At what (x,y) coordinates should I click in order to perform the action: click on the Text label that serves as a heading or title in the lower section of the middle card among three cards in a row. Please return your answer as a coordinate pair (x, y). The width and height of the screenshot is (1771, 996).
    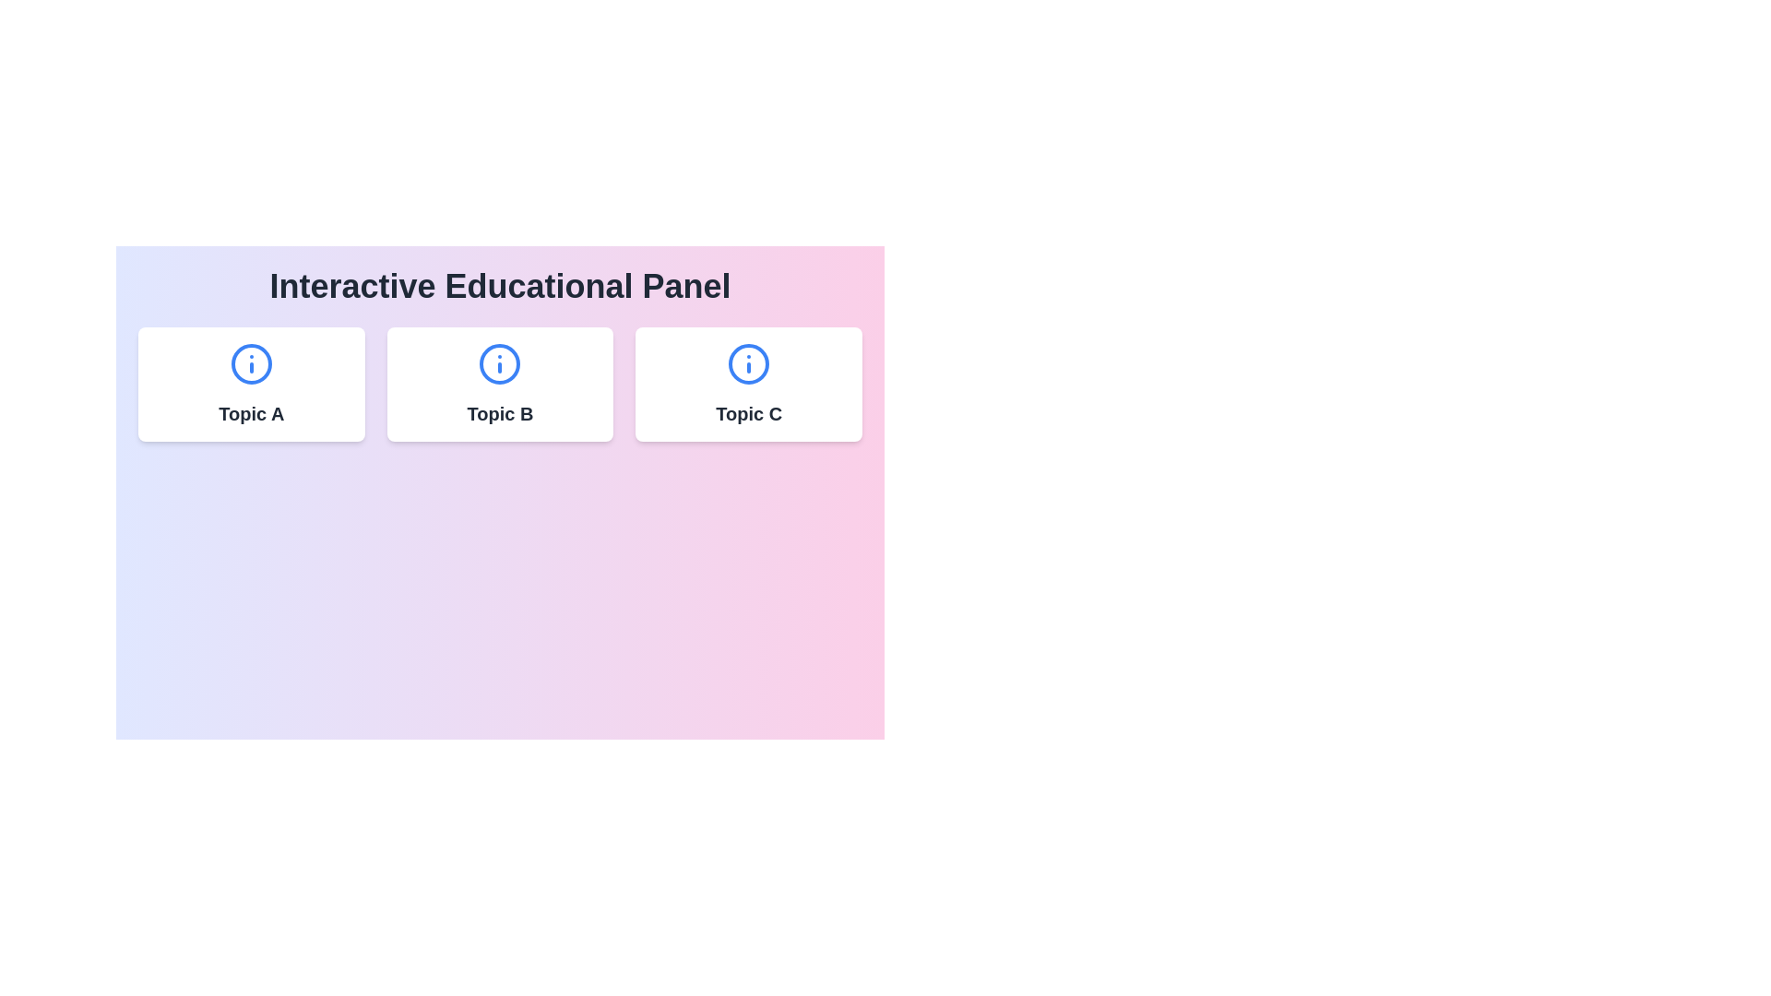
    Looking at the image, I should click on (500, 412).